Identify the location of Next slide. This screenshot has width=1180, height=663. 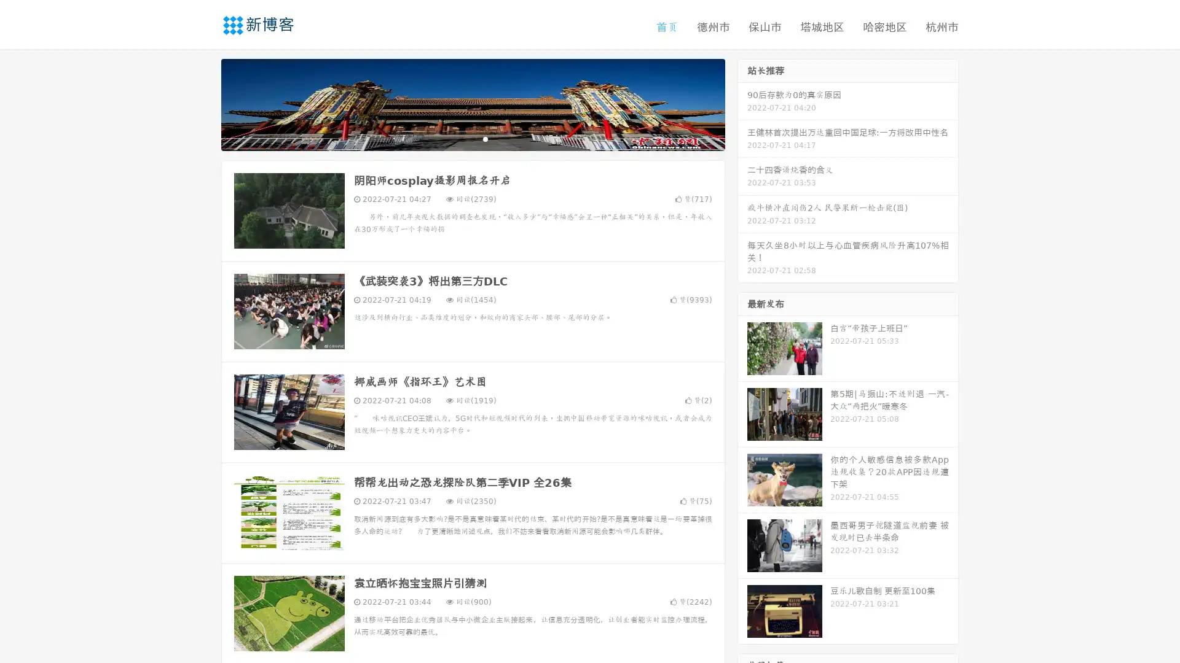
(742, 103).